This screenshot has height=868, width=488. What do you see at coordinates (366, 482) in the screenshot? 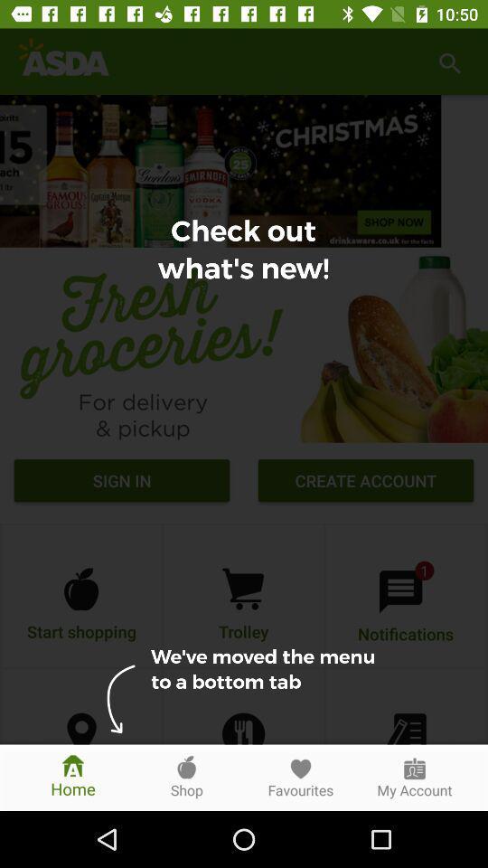
I see `the create account icon` at bounding box center [366, 482].